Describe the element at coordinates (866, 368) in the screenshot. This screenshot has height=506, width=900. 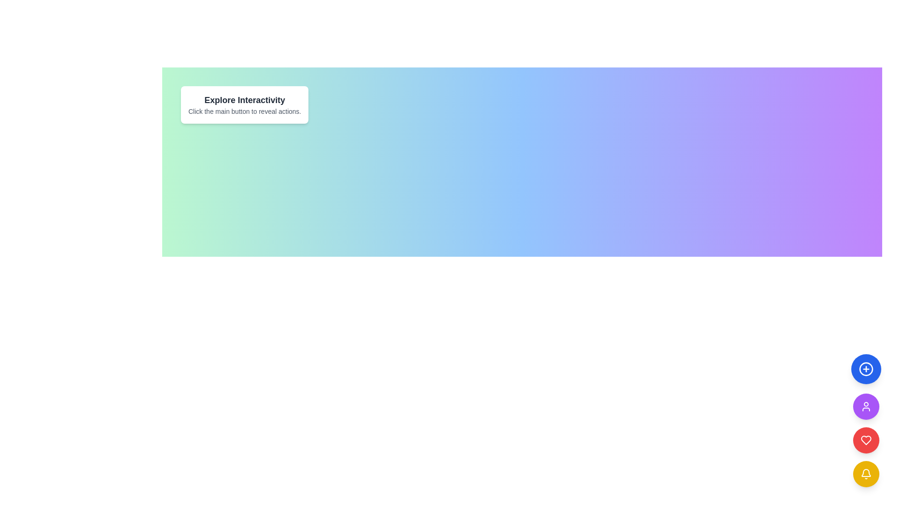
I see `the button located at the top of the vertical button group in the bottom-right corner of the interface` at that location.